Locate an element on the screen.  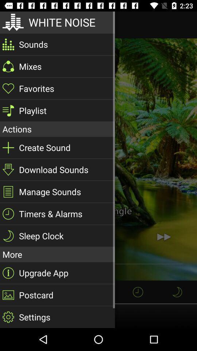
the av_forward icon is located at coordinates (164, 237).